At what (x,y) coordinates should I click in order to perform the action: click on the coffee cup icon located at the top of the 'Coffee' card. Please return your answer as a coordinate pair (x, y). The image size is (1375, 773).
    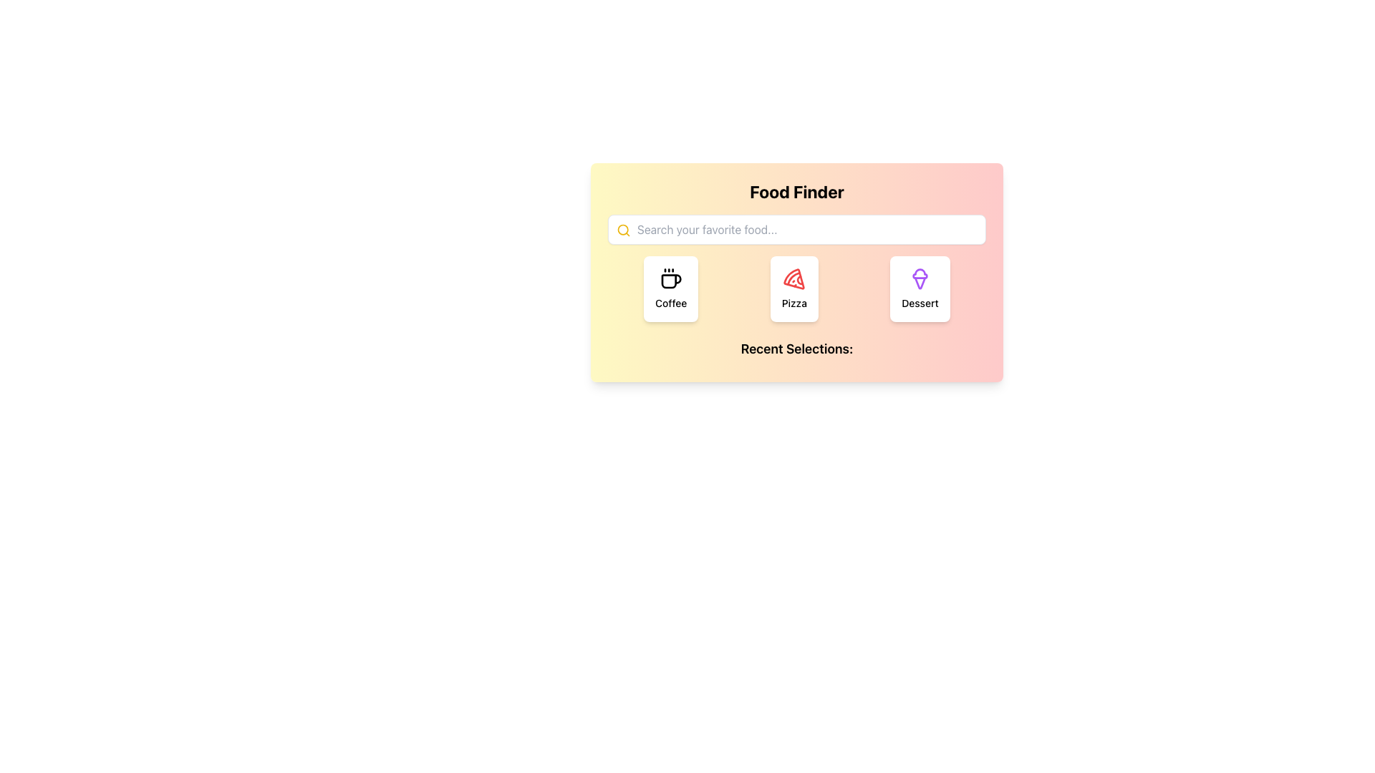
    Looking at the image, I should click on (670, 278).